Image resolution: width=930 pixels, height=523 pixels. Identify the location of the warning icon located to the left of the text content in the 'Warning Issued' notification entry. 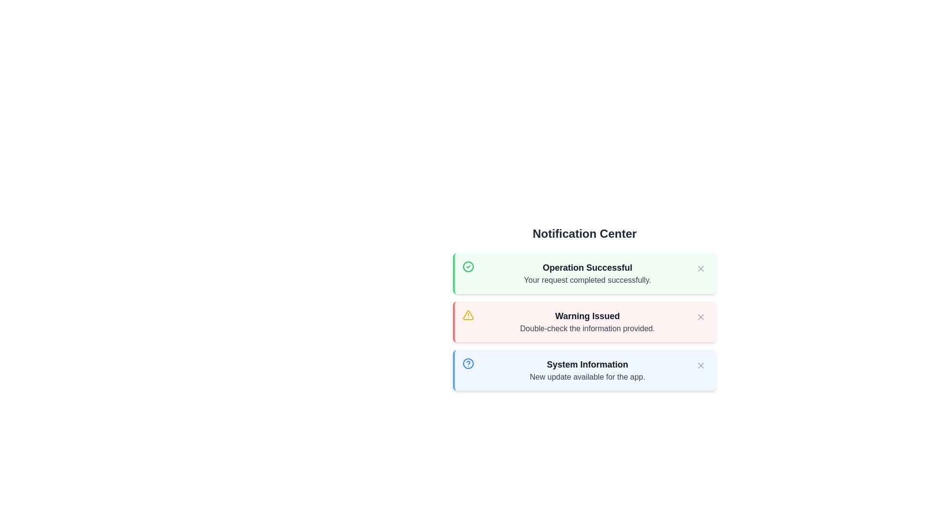
(468, 315).